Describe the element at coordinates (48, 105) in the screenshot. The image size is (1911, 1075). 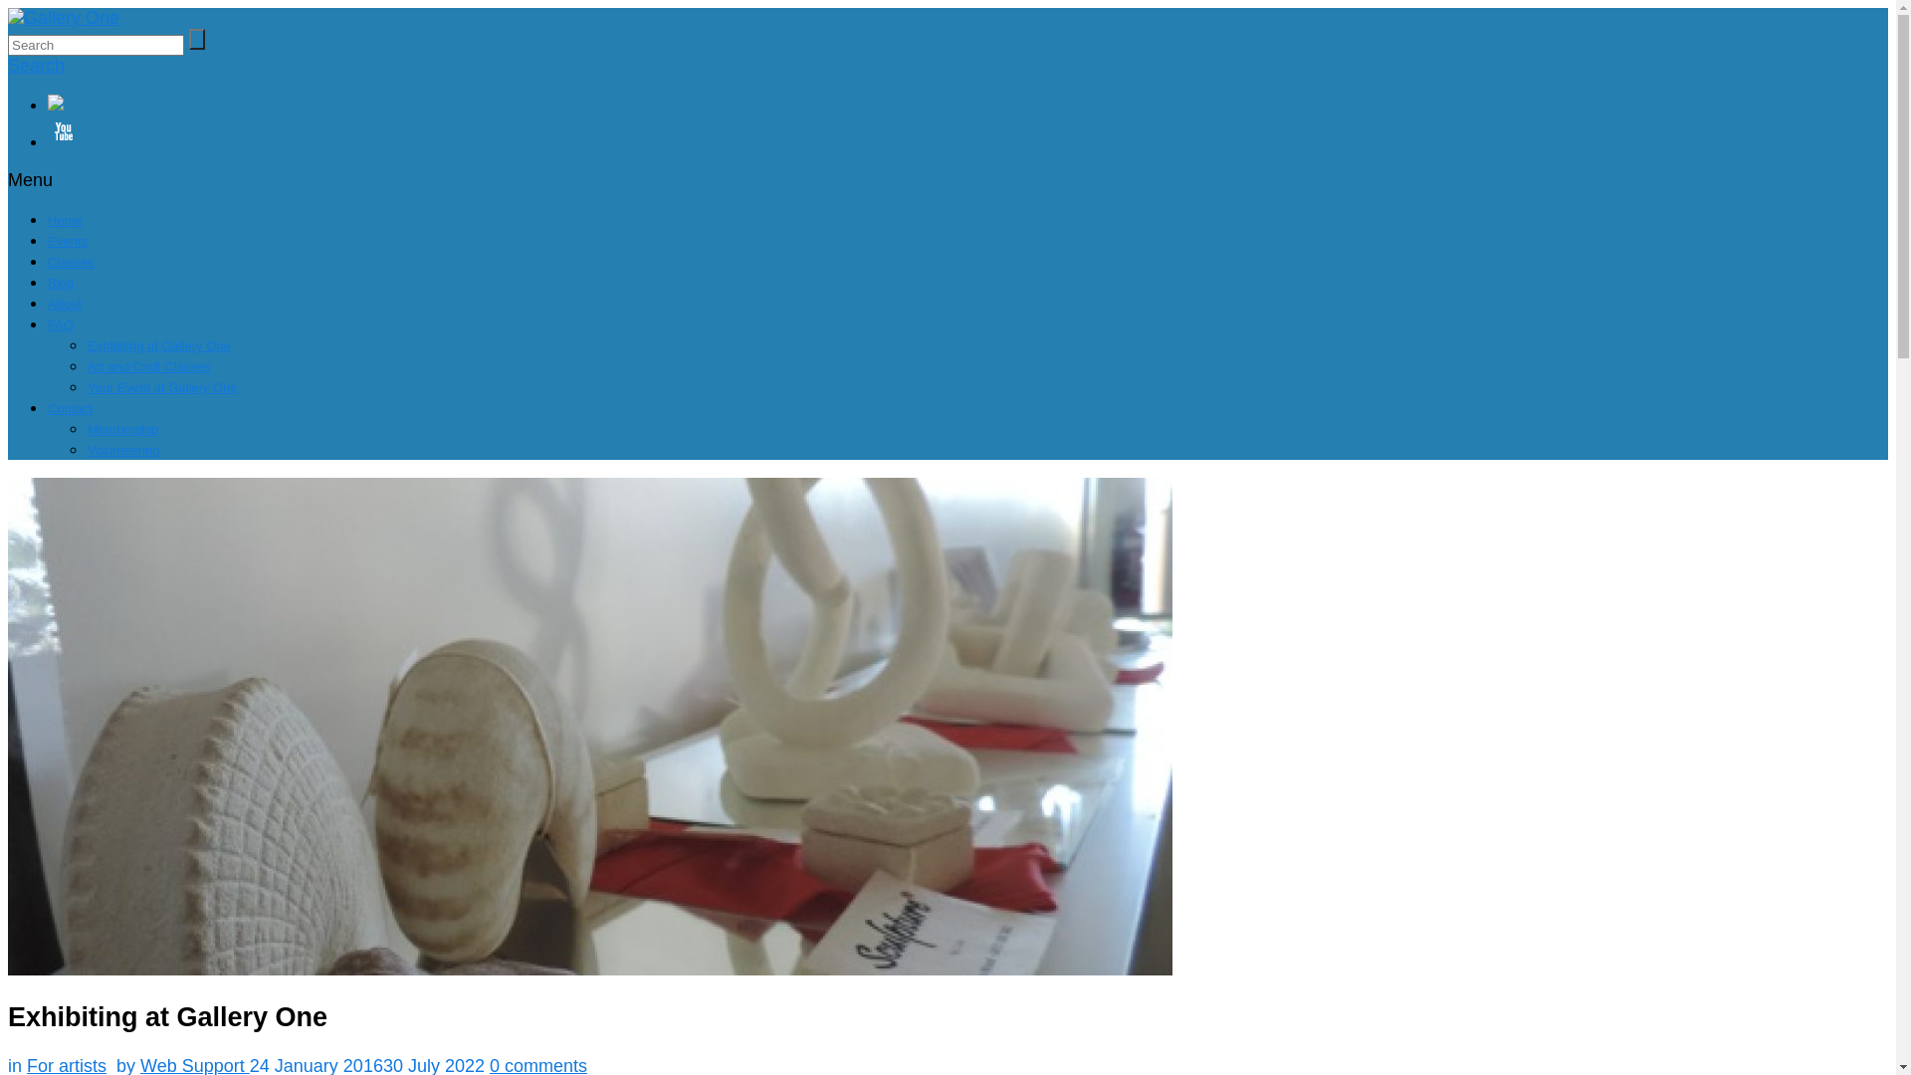
I see `'Gallery One on Facebook'` at that location.